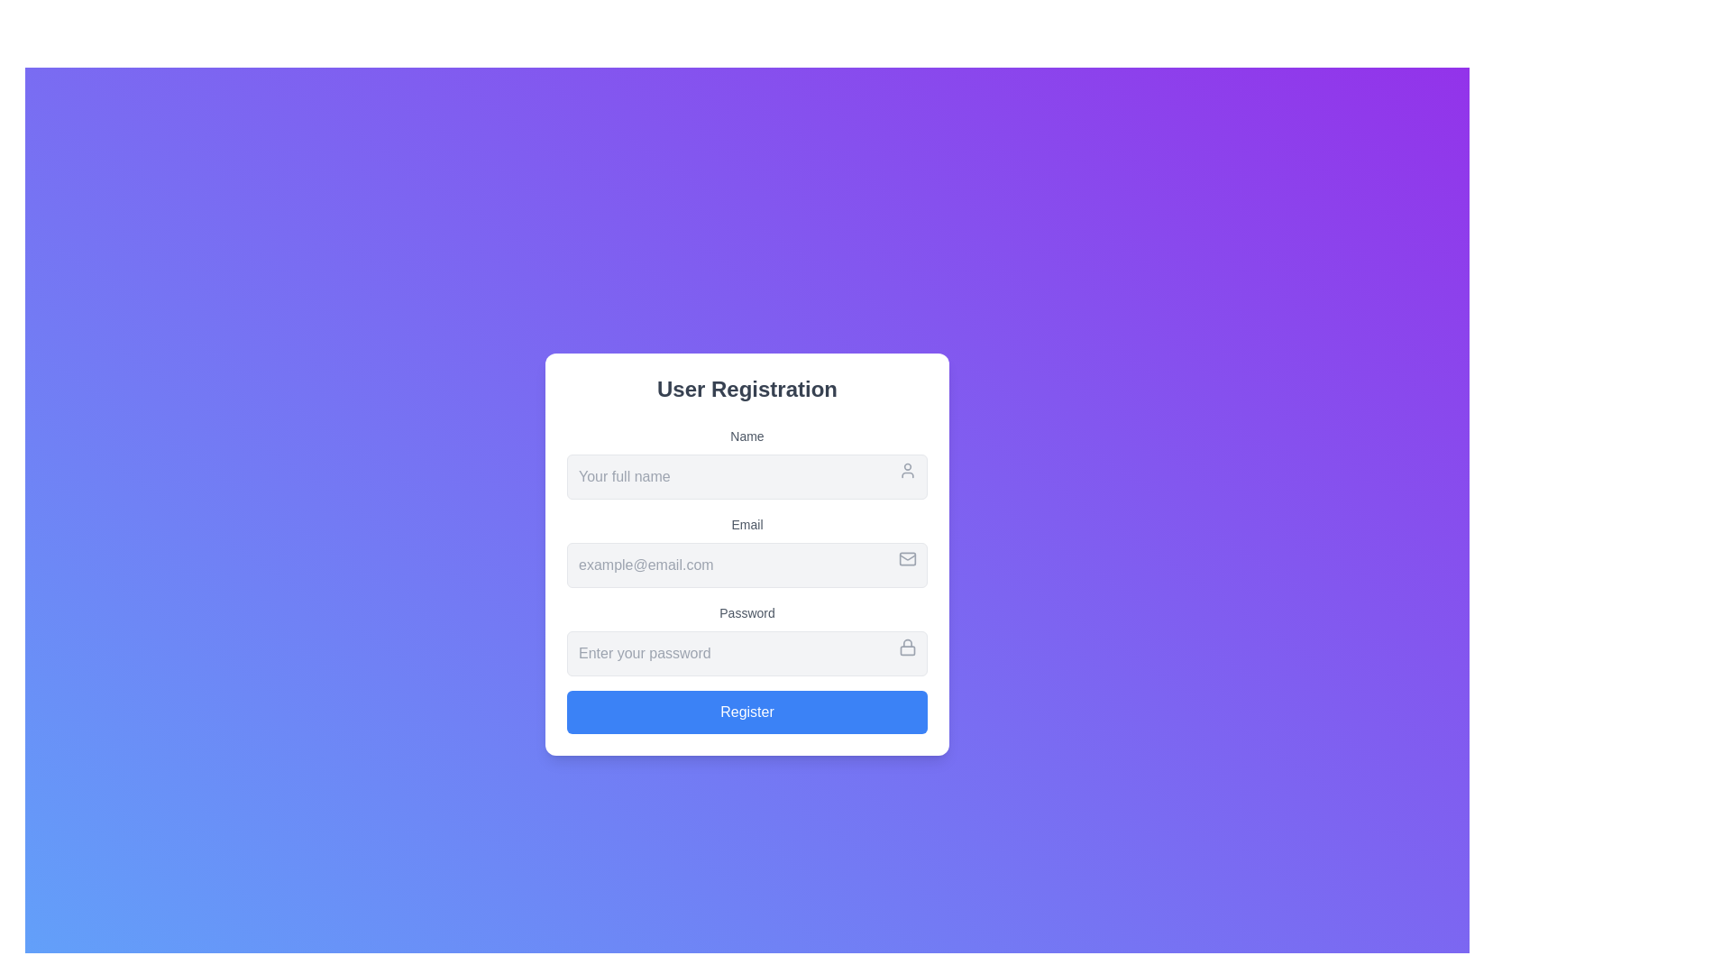  I want to click on the Email input field labeled 'Email' to focus on it, so click(747, 549).